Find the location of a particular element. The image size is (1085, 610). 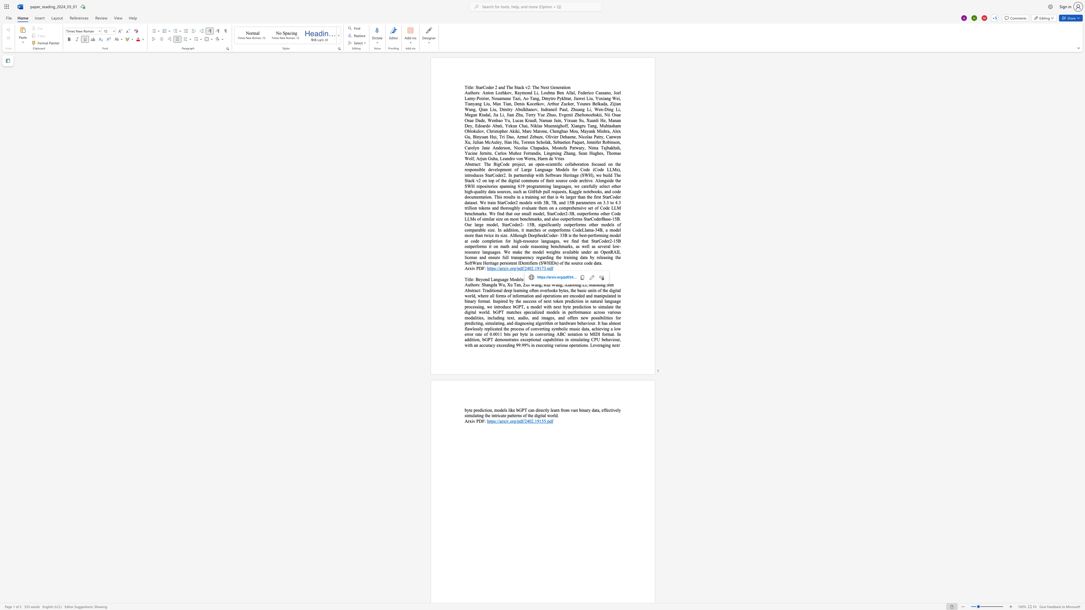

the 1th character "i" in the text is located at coordinates (526, 285).